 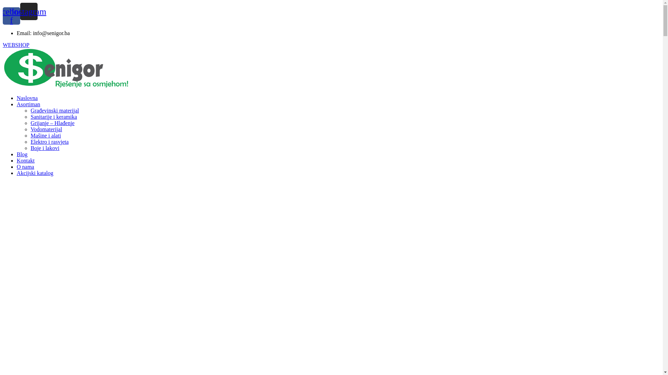 What do you see at coordinates (11, 16) in the screenshot?
I see `'Facebook-f'` at bounding box center [11, 16].